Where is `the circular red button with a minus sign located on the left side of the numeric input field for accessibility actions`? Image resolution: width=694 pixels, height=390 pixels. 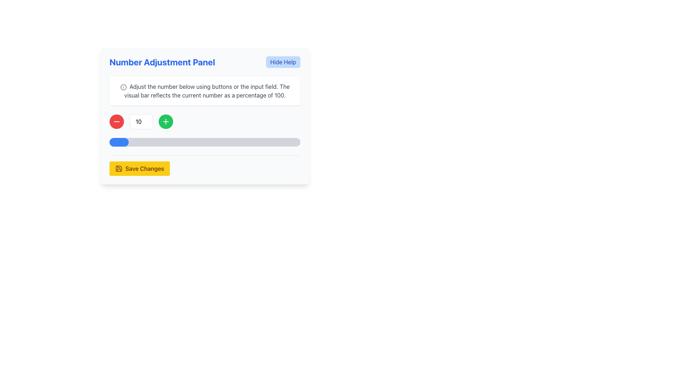 the circular red button with a minus sign located on the left side of the numeric input field for accessibility actions is located at coordinates (116, 121).